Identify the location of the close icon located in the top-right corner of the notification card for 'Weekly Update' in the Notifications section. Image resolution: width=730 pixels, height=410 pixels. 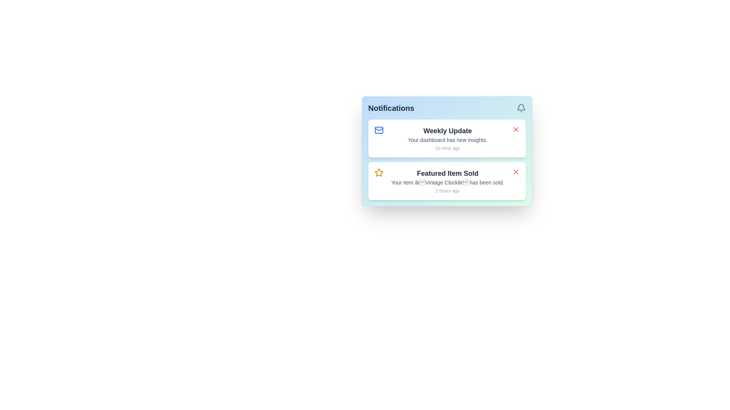
(516, 129).